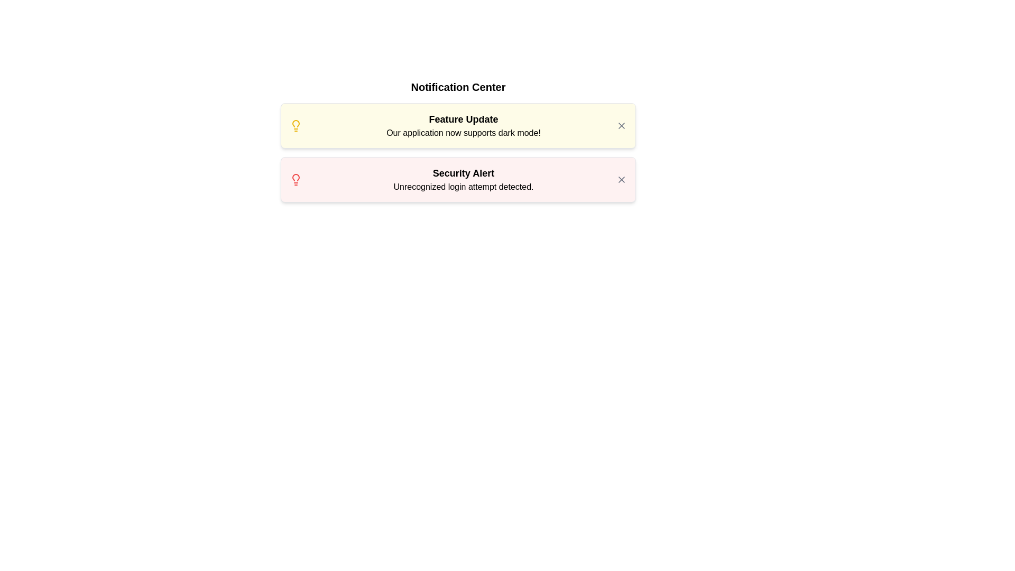 This screenshot has height=571, width=1015. I want to click on the text label displaying 'Feature Update' which is prominently visible and serves as a heading in the notification card, so click(464, 119).